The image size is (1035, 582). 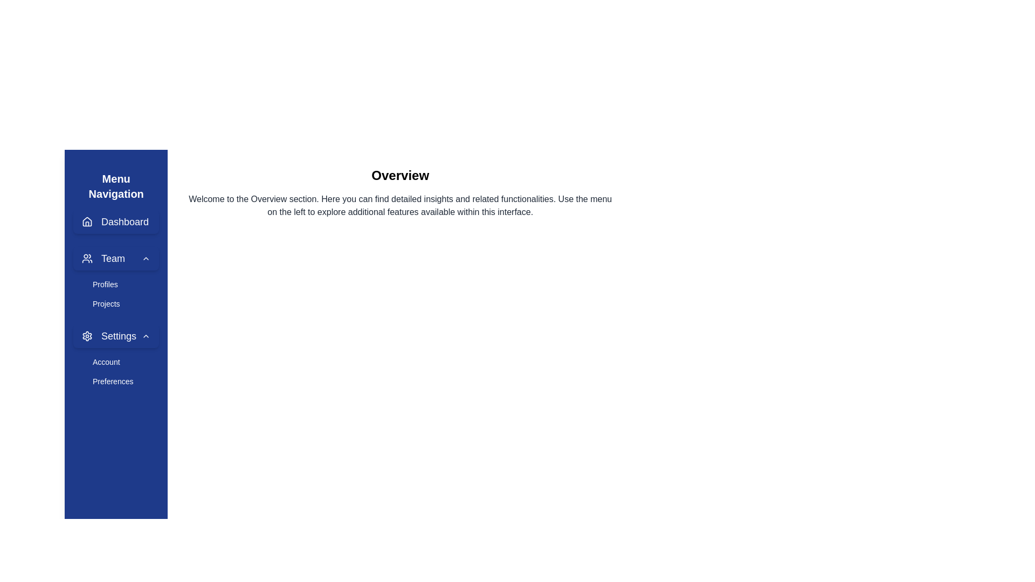 I want to click on the upward-facing triangular chevron icon associated with the 'Settings' menu item in the vertical navigation menu sidebar, so click(x=146, y=336).